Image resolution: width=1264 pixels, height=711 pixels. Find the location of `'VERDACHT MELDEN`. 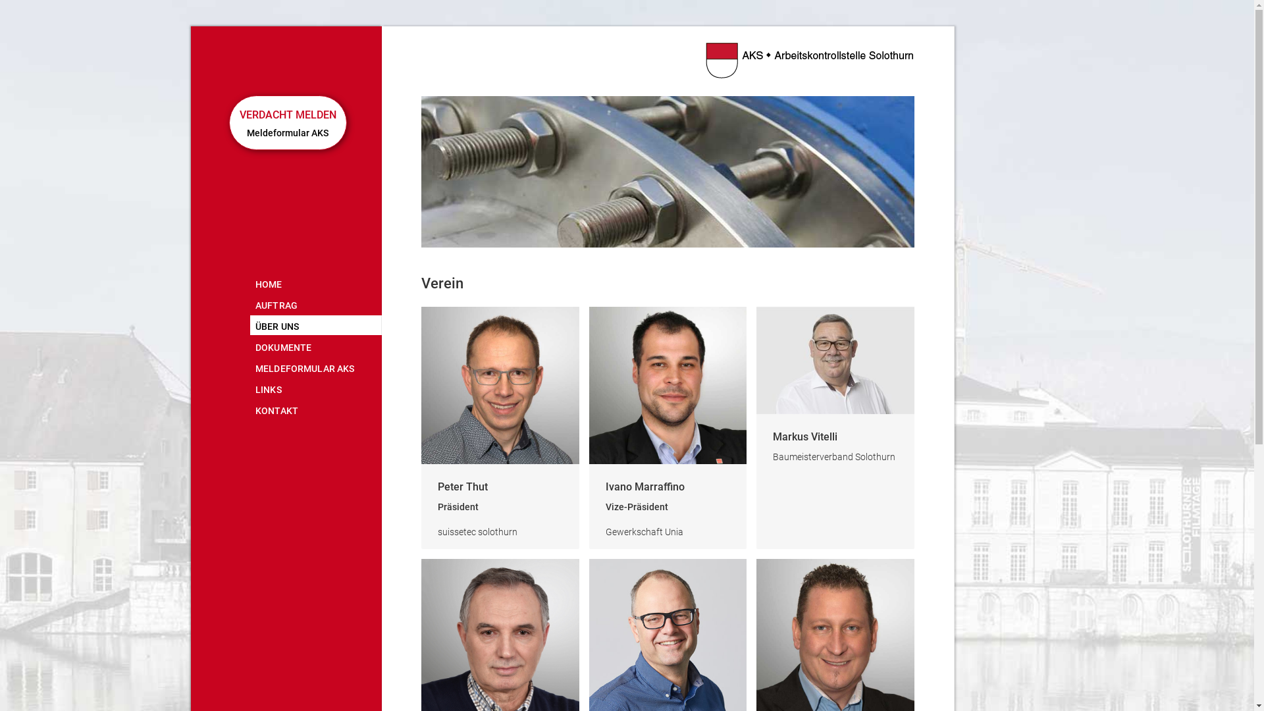

'VERDACHT MELDEN is located at coordinates (286, 114).